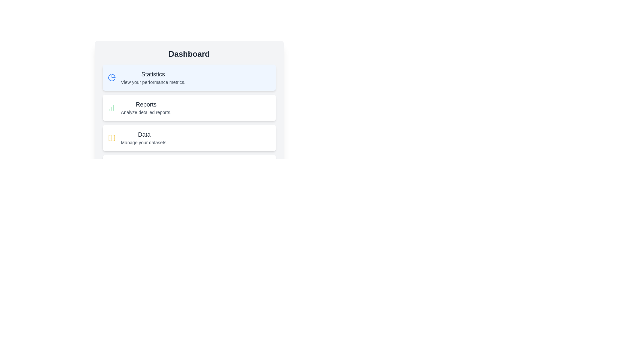 This screenshot has width=630, height=354. Describe the element at coordinates (112, 107) in the screenshot. I see `the section icon corresponding to Reports` at that location.